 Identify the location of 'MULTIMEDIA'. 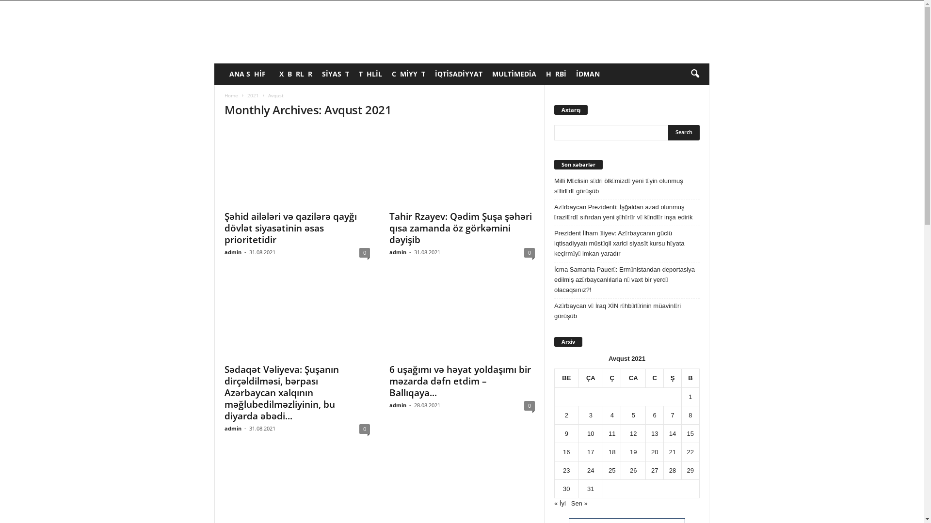
(514, 74).